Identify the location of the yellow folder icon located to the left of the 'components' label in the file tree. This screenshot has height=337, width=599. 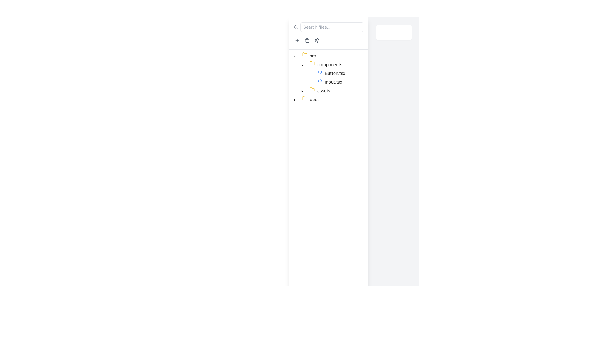
(313, 65).